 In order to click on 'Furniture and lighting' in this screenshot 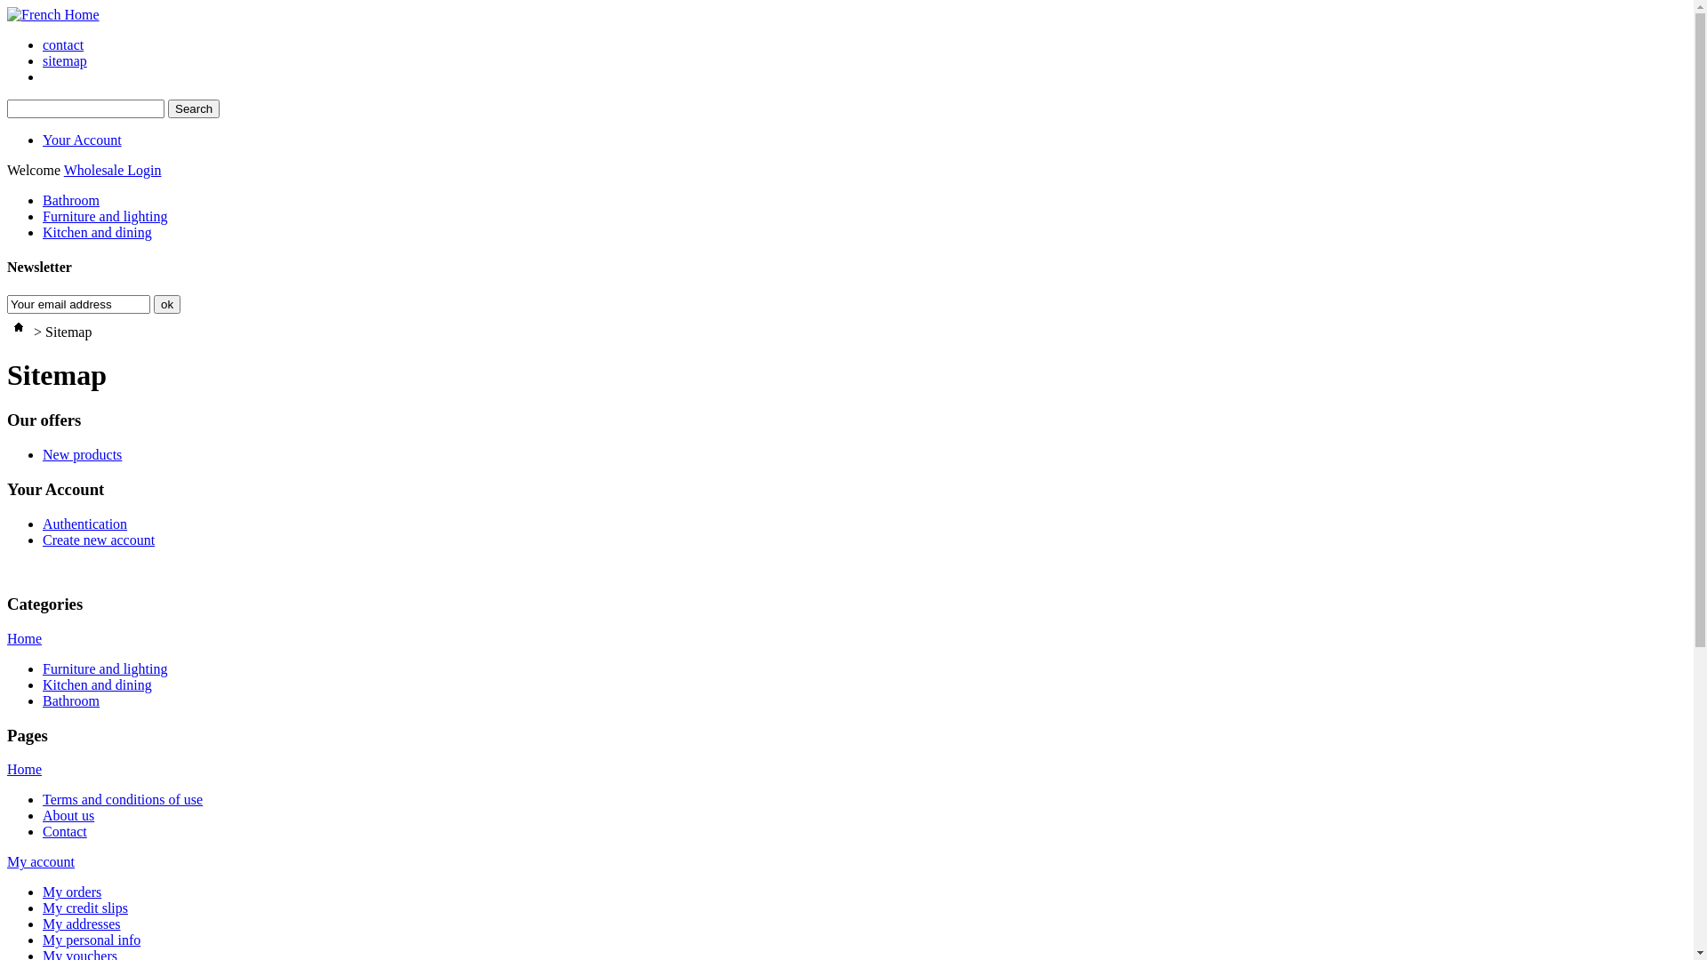, I will do `click(43, 215)`.